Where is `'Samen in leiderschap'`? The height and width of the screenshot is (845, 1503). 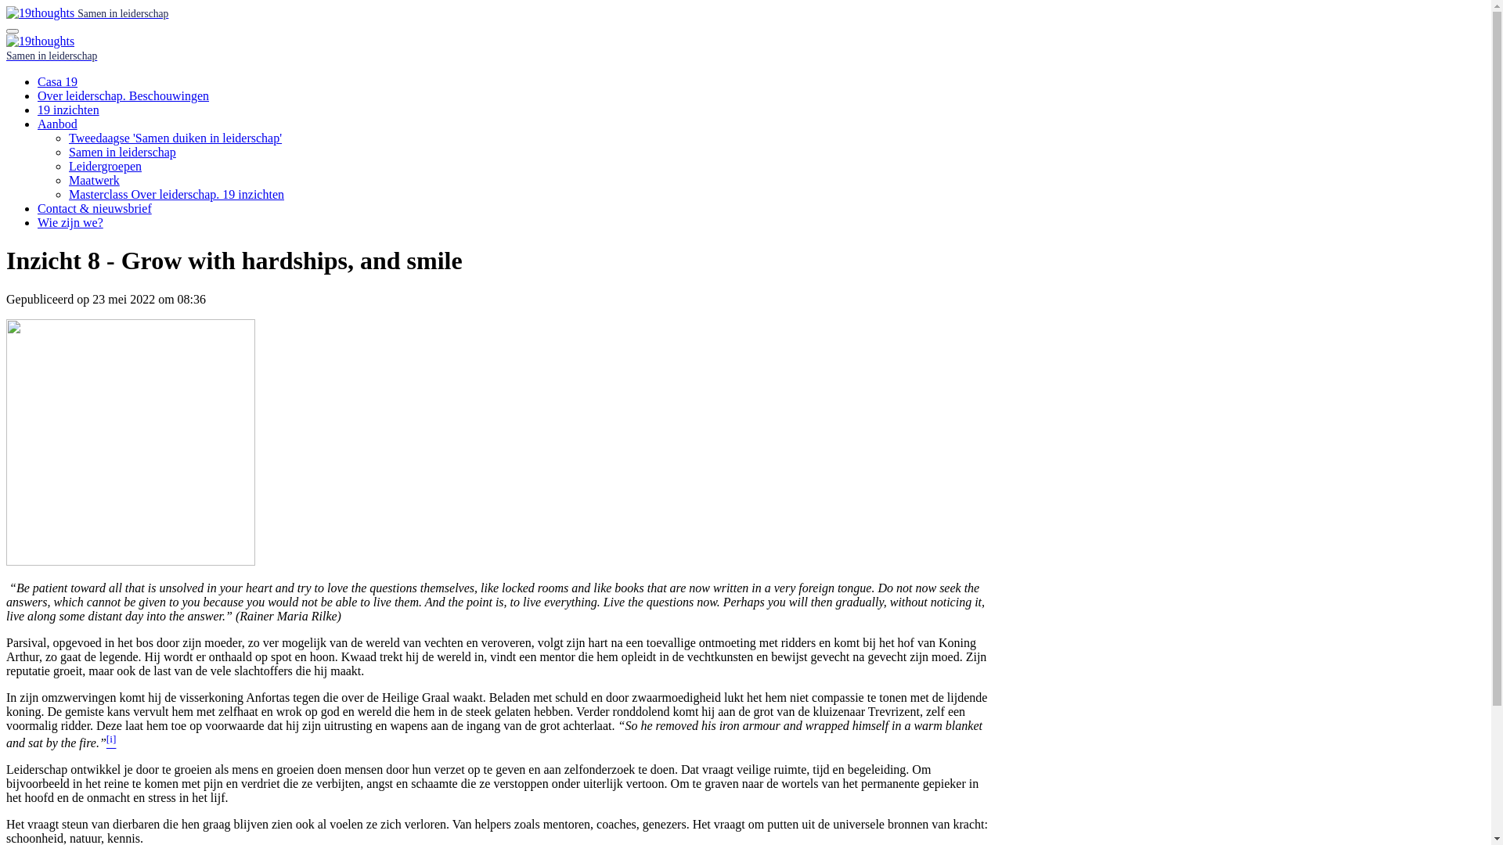
'Samen in leiderschap' is located at coordinates (121, 152).